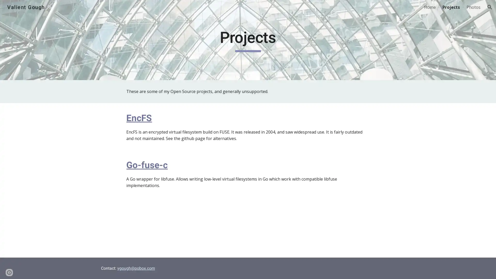 Image resolution: width=496 pixels, height=279 pixels. Describe the element at coordinates (294, 10) in the screenshot. I see `Skip to navigation` at that location.